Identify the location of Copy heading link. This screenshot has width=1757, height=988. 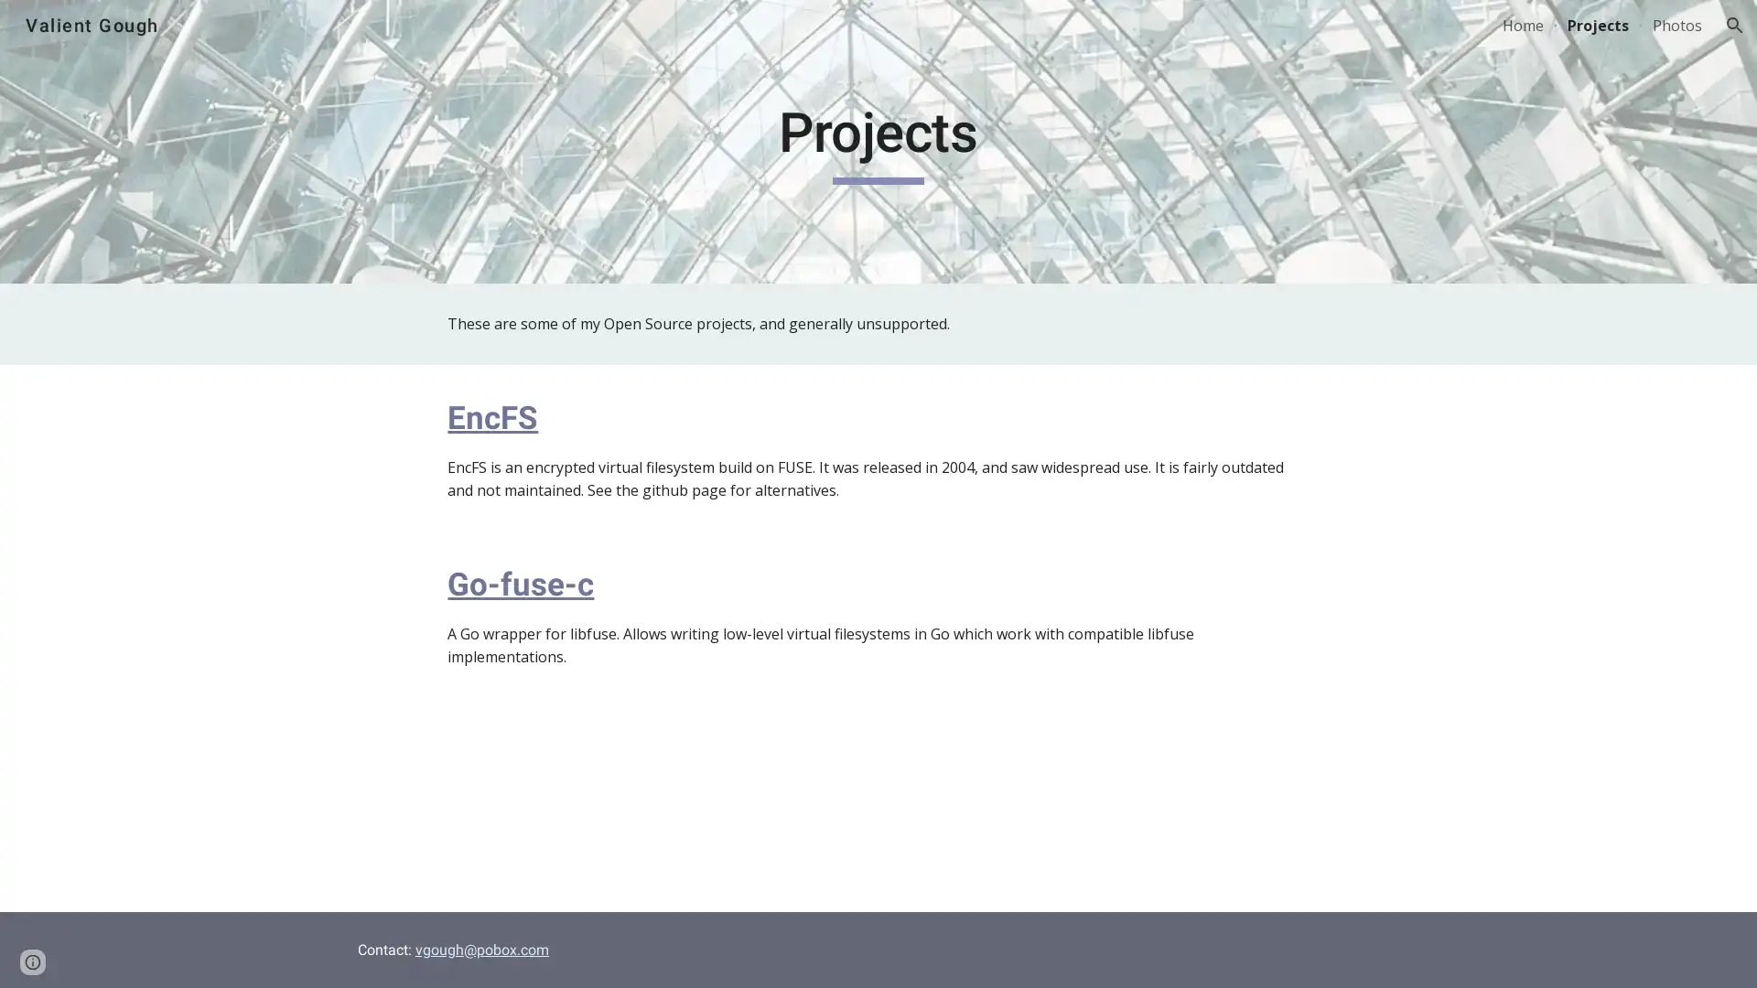
(557, 416).